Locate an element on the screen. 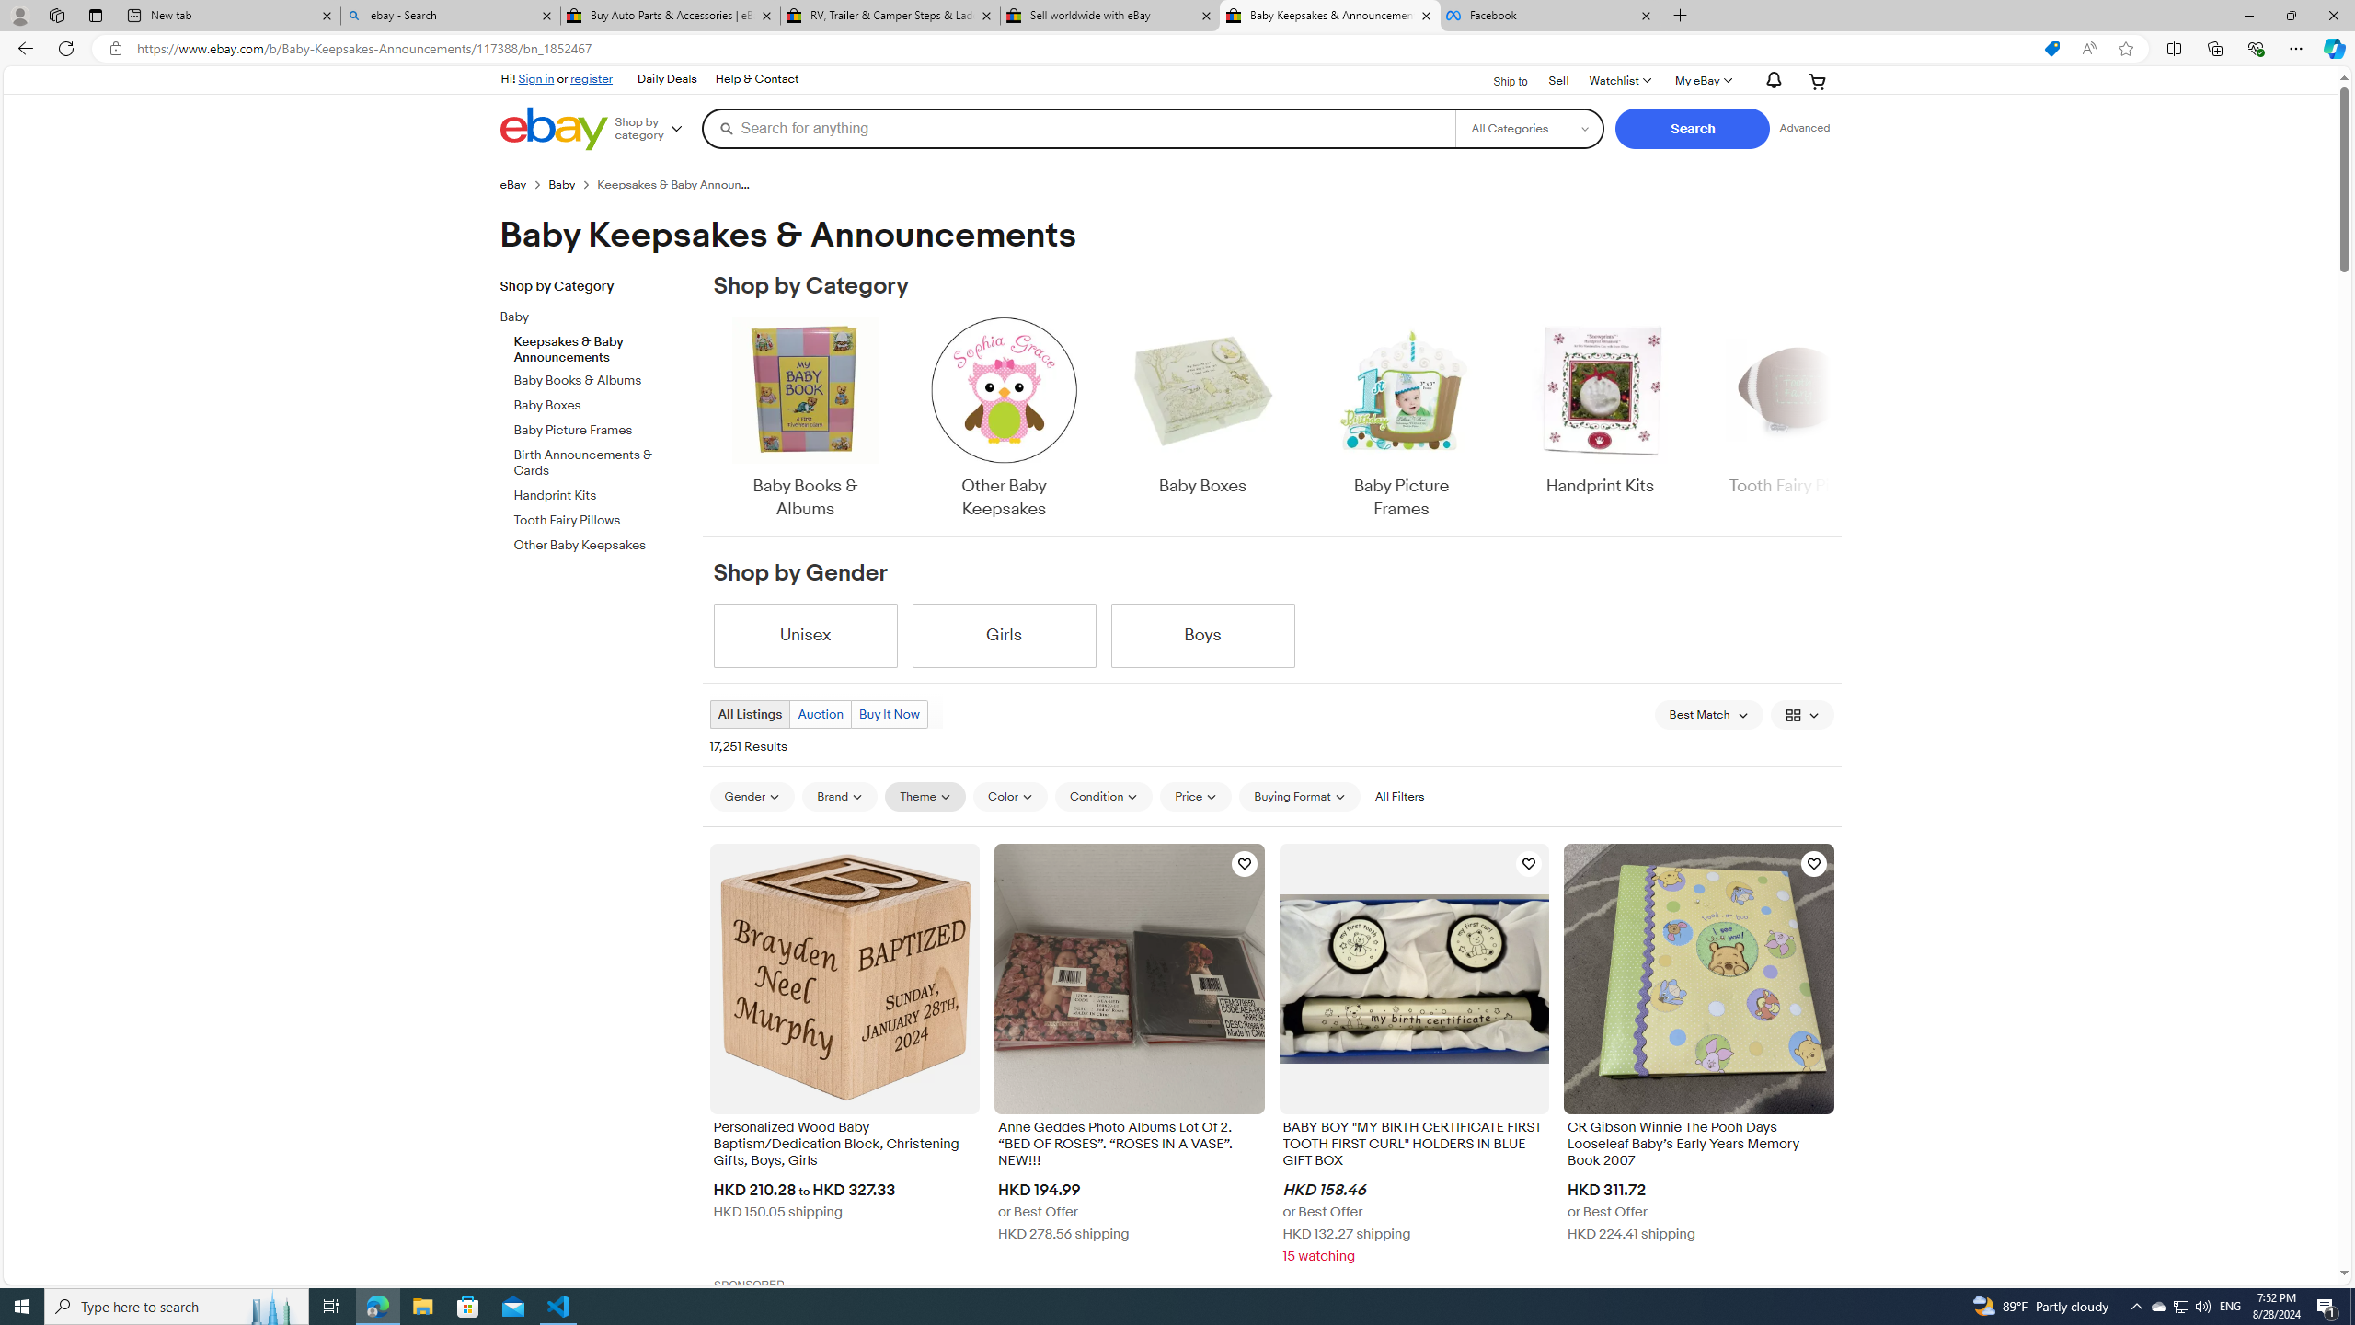  'Sell' is located at coordinates (1557, 80).